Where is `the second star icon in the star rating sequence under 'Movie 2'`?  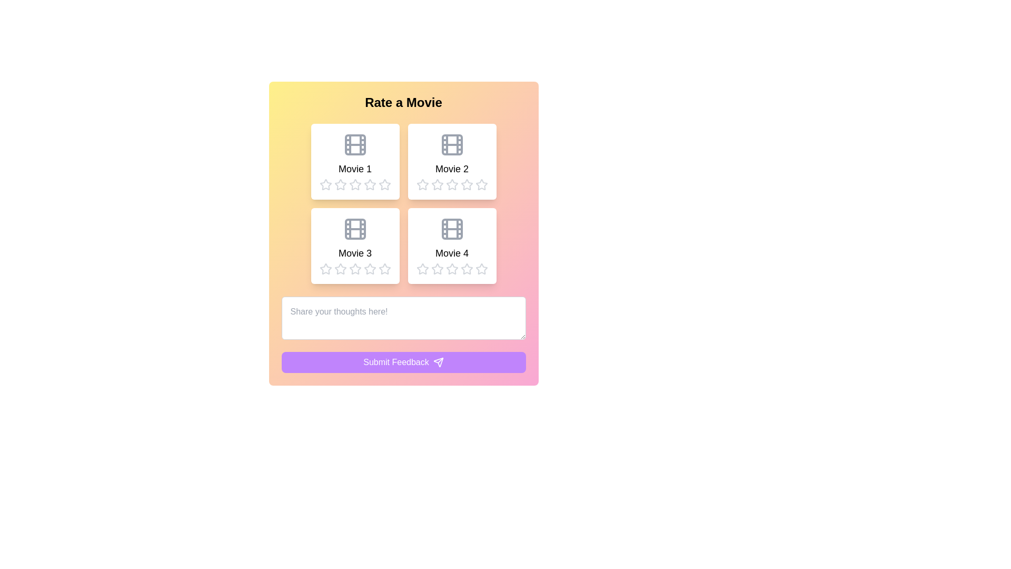 the second star icon in the star rating sequence under 'Movie 2' is located at coordinates (452, 184).